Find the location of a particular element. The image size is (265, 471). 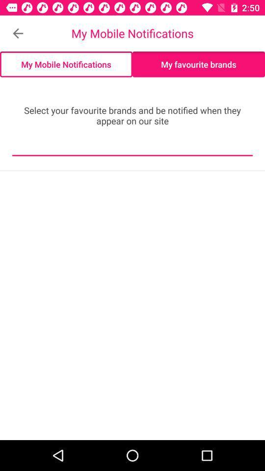

the icon above the my mobile notifications icon is located at coordinates (18, 33).